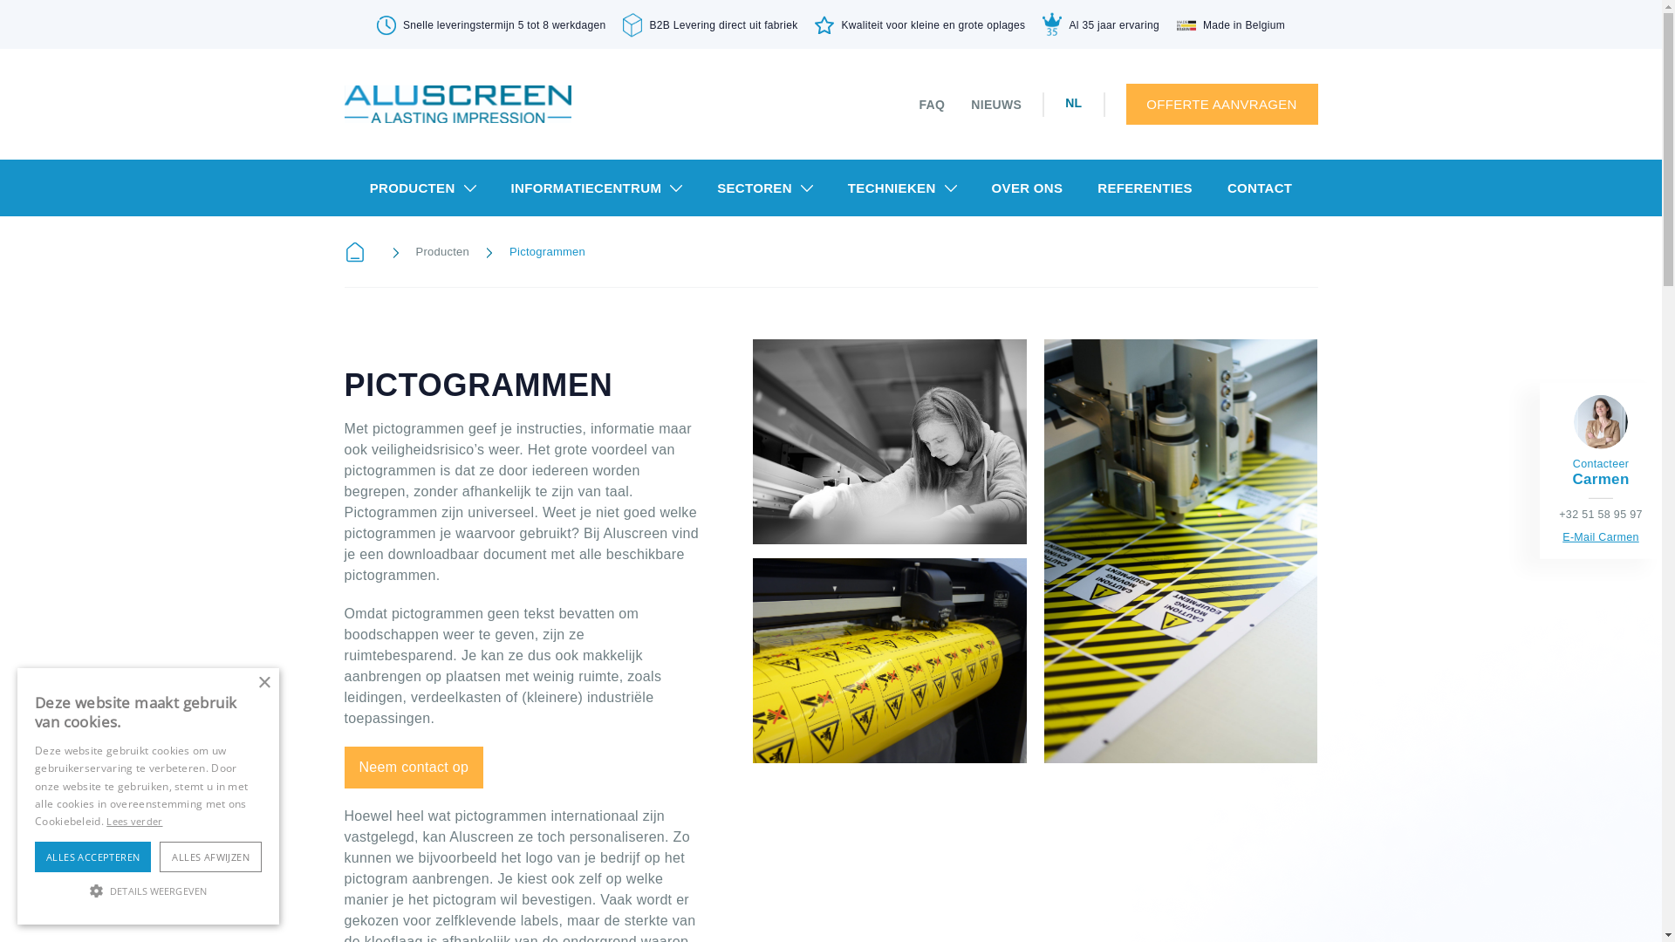 Image resolution: width=1675 pixels, height=942 pixels. Describe the element at coordinates (422, 188) in the screenshot. I see `'PRODUCTEN'` at that location.